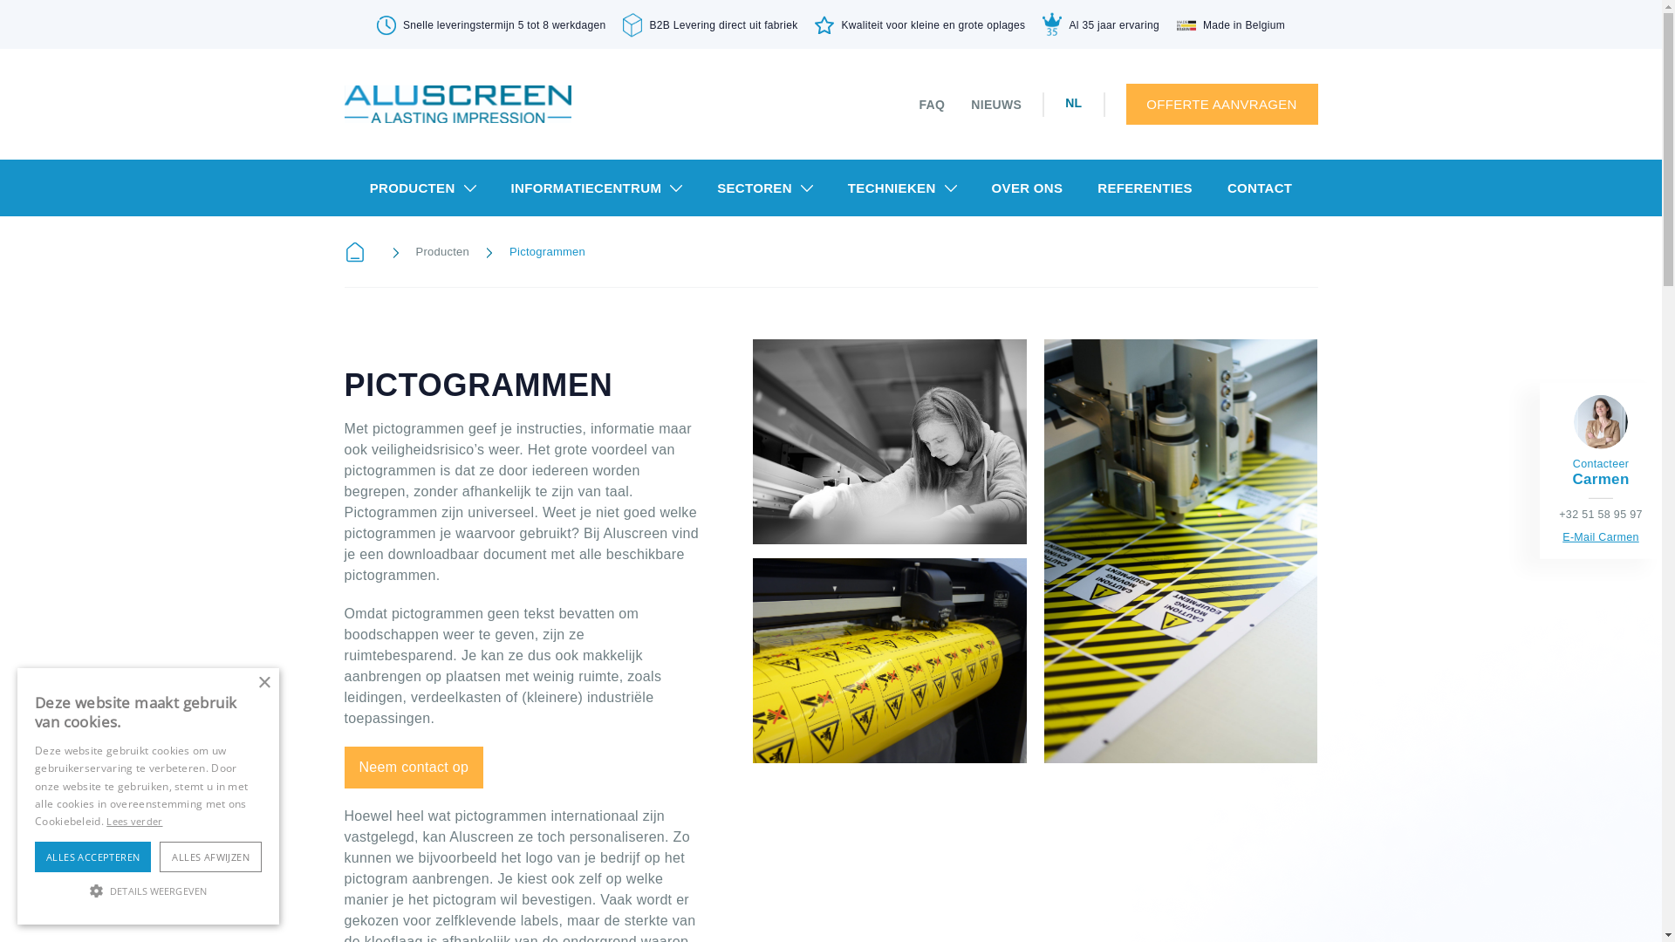 Image resolution: width=1675 pixels, height=942 pixels. Describe the element at coordinates (422, 188) in the screenshot. I see `'PRODUCTEN'` at that location.